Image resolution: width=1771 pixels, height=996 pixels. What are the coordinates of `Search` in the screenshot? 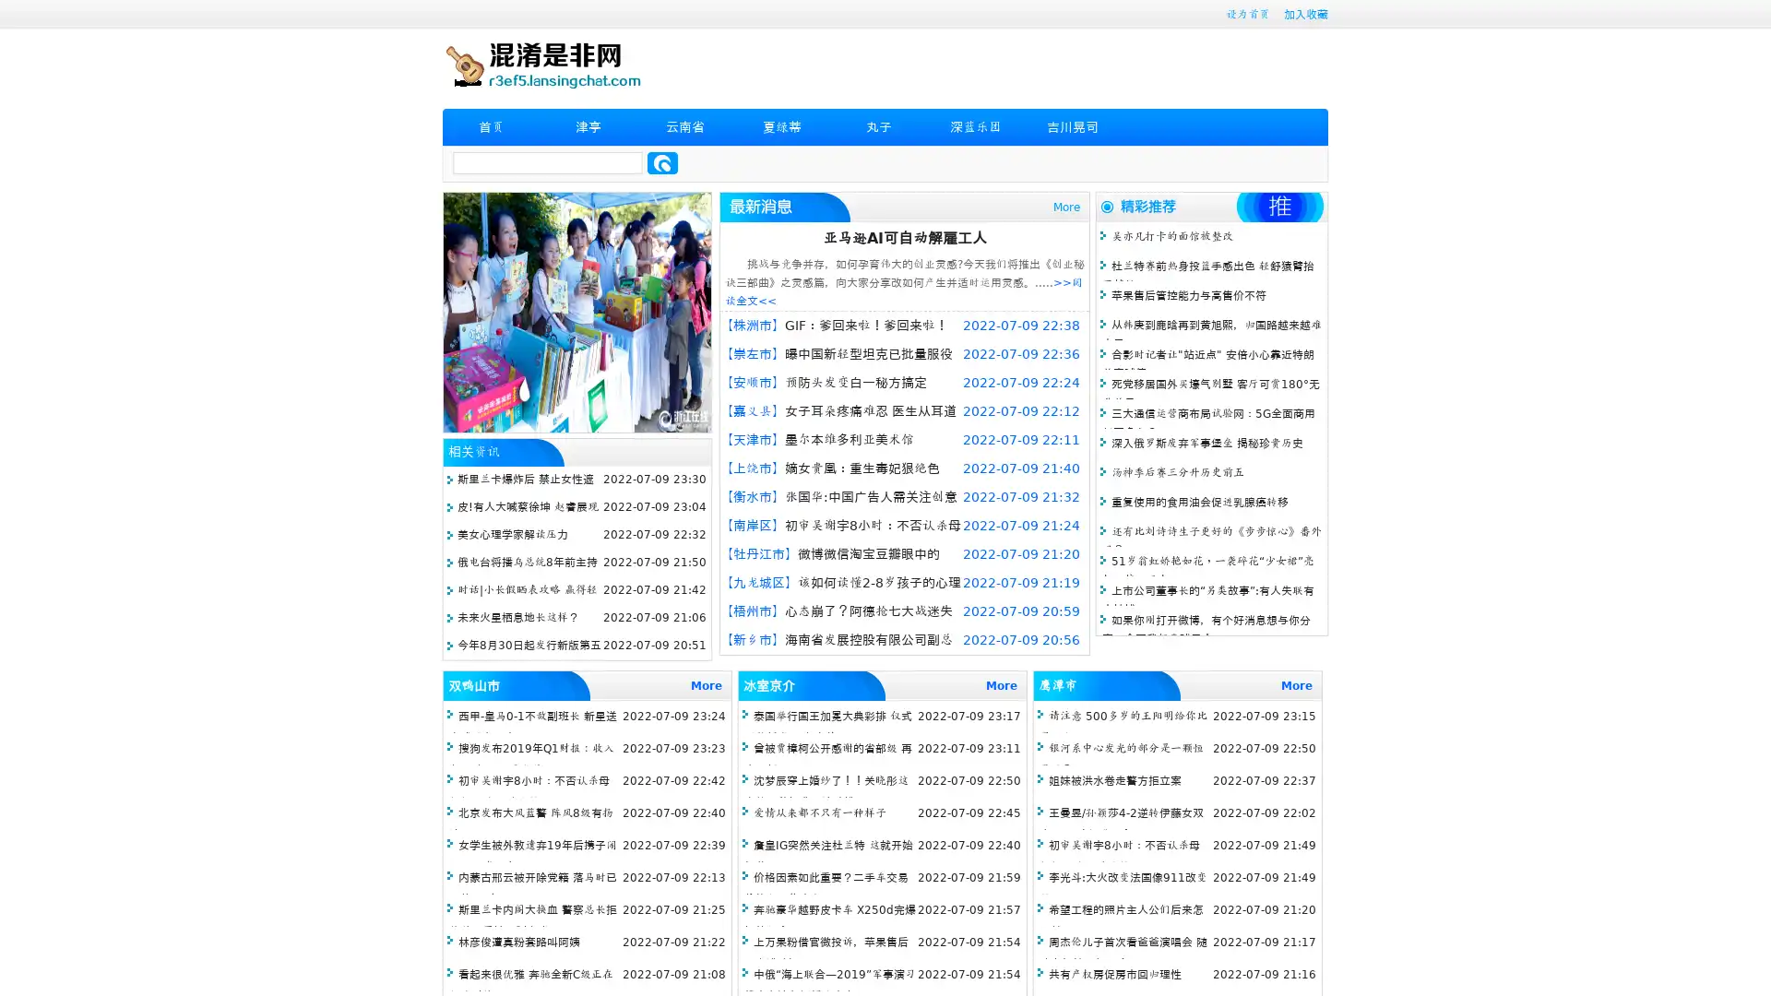 It's located at (662, 162).